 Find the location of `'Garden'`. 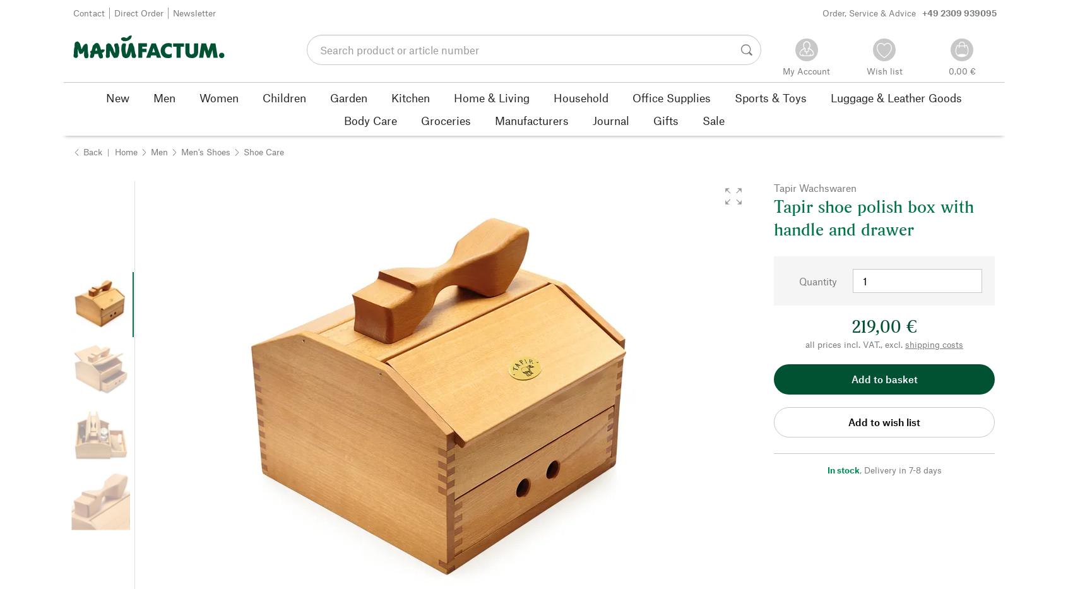

'Garden' is located at coordinates (348, 97).